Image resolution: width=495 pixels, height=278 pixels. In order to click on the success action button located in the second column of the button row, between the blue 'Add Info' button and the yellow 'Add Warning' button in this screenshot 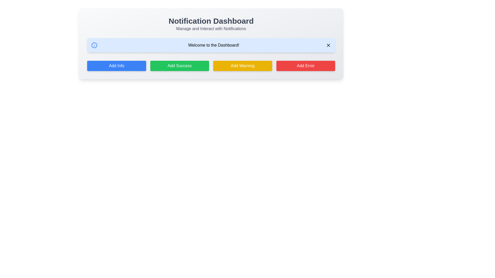, I will do `click(179, 65)`.